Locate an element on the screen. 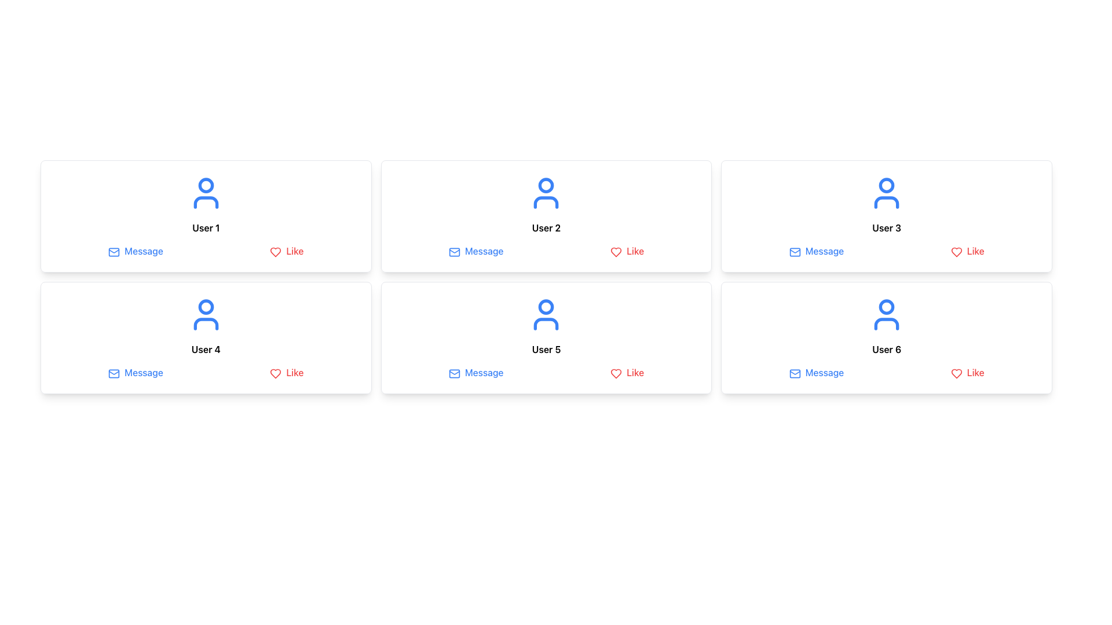  the 'Like' button located at the bottom right of the fifth card is located at coordinates (627, 373).